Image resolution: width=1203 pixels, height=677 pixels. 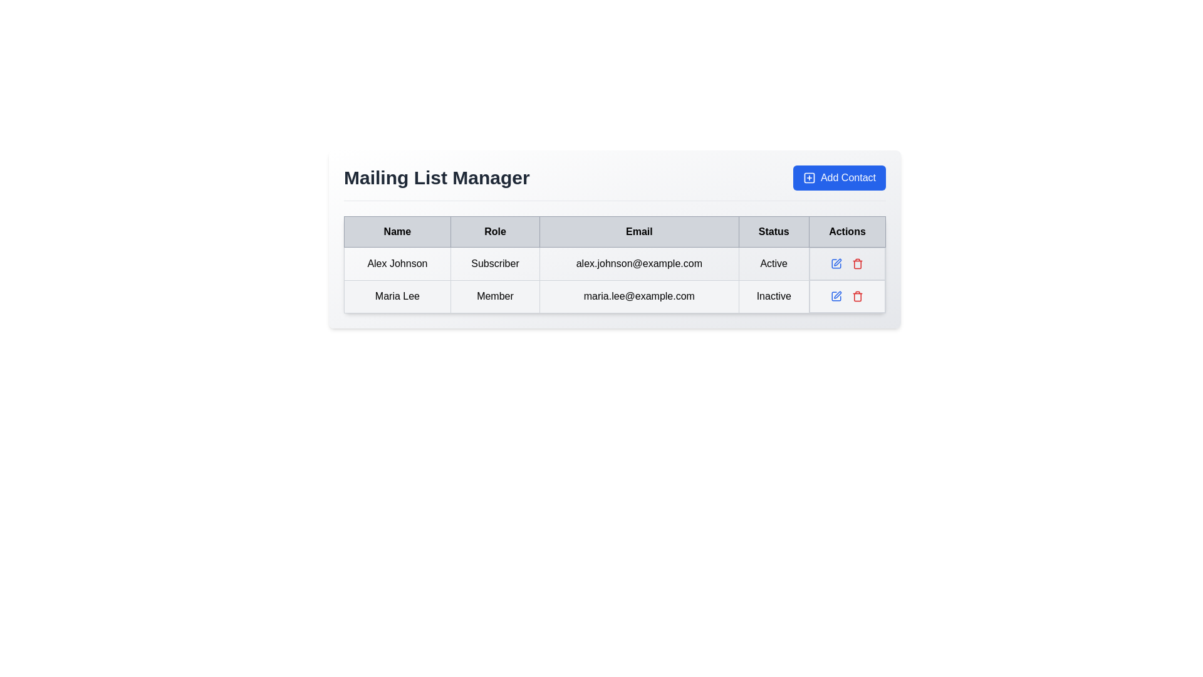 I want to click on the icon resembling a square with a centered plus sign inside it, which is located within the blue button labeled 'Add Contact' at the top-right corner of the interface, so click(x=809, y=178).